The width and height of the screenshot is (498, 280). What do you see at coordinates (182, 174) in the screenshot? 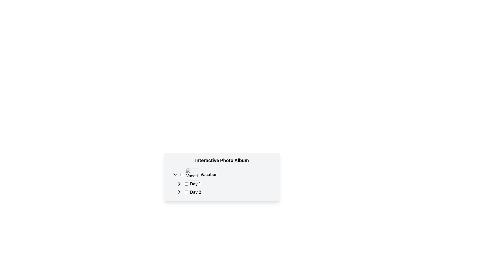
I see `the checkbox` at bounding box center [182, 174].